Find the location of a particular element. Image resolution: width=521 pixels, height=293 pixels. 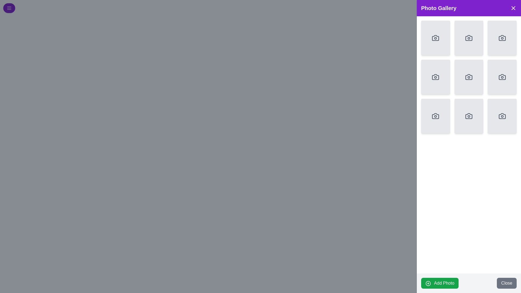

the dark gray outlined camera icon located in the top-left corner of a 3x3 grid of buttons is located at coordinates (436, 37).